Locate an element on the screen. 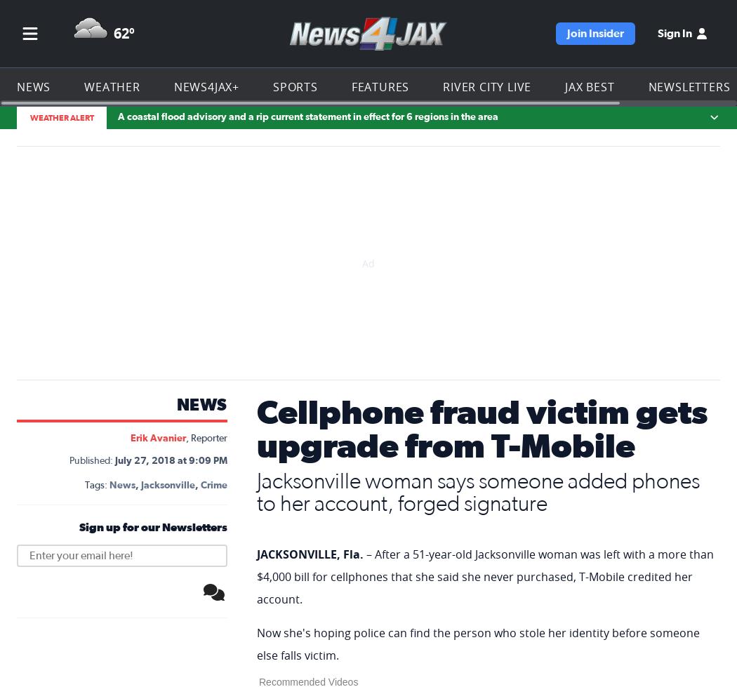 This screenshot has width=737, height=687. 'A T-Mobile executive later reached out to Edwards about her complaint. She said the company credited her account and upgraded her account to VIP status.' is located at coordinates (480, 327).